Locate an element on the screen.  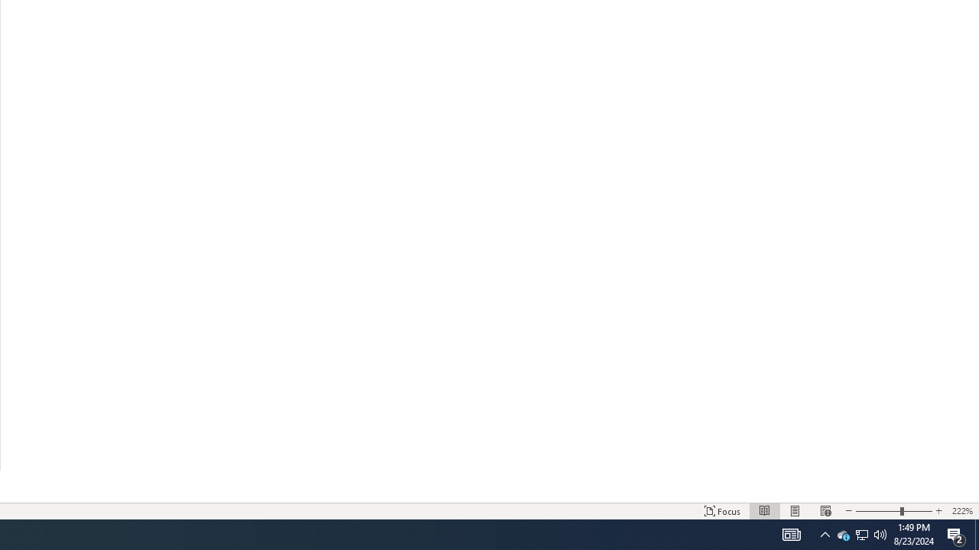
'Read Mode' is located at coordinates (765, 511).